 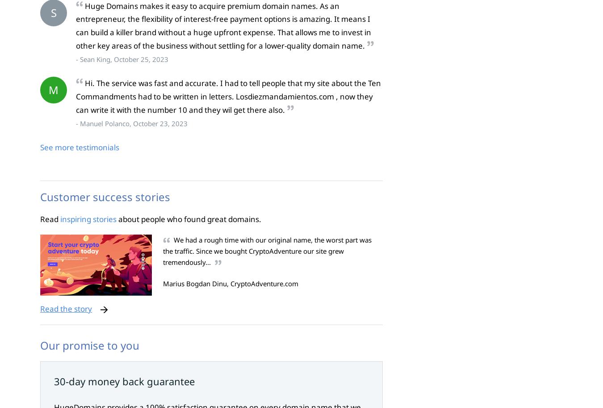 I want to click on 'Read the story', so click(x=66, y=308).